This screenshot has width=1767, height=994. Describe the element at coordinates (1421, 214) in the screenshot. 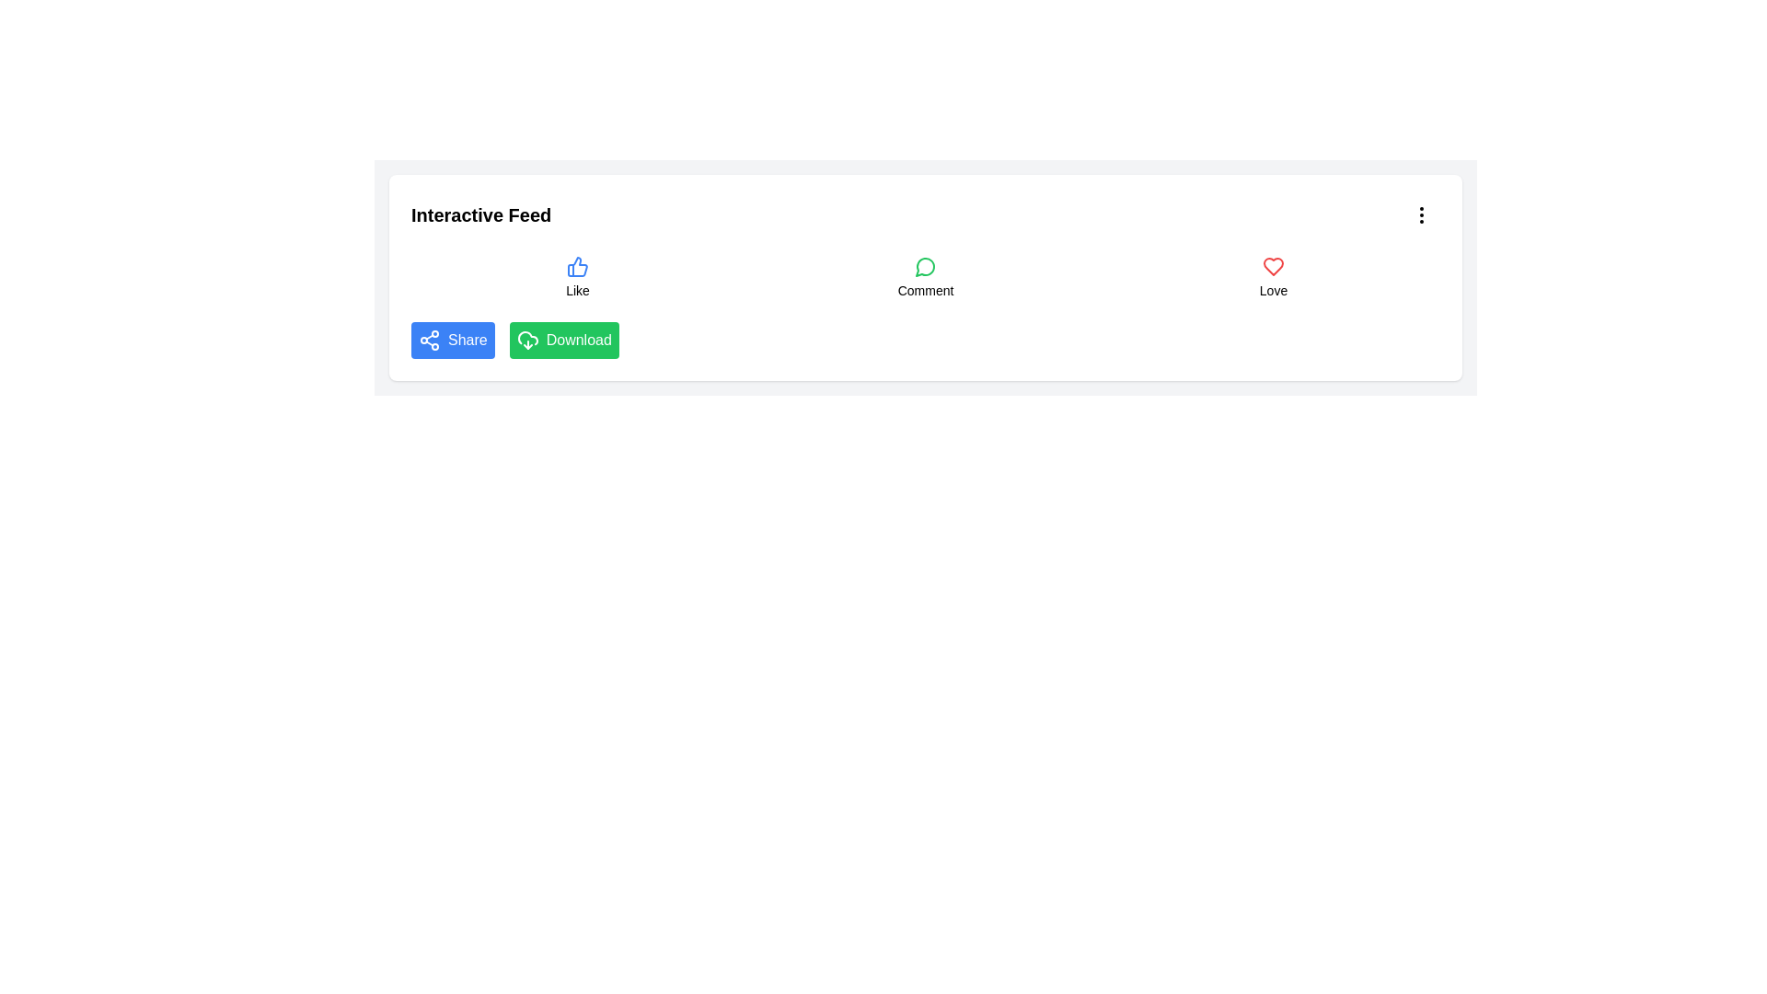

I see `the vertical ellipsis menu icon located in the top-right corner of the 'Interactive Feed' card` at that location.